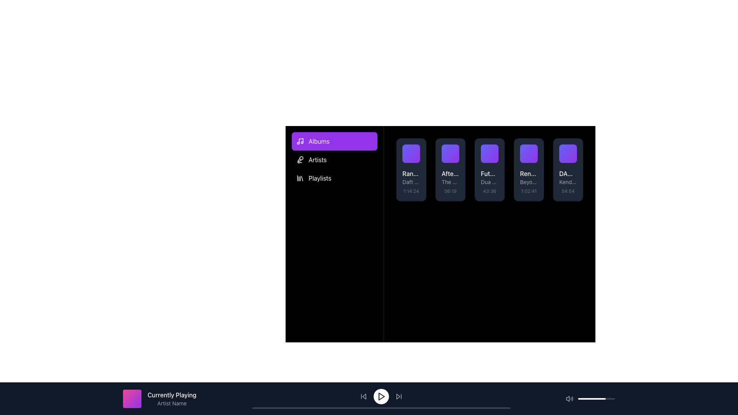 Image resolution: width=738 pixels, height=415 pixels. Describe the element at coordinates (301, 141) in the screenshot. I see `the vertical stroke part of the music note icon representing the 'Albums' option in the left sidebar` at that location.